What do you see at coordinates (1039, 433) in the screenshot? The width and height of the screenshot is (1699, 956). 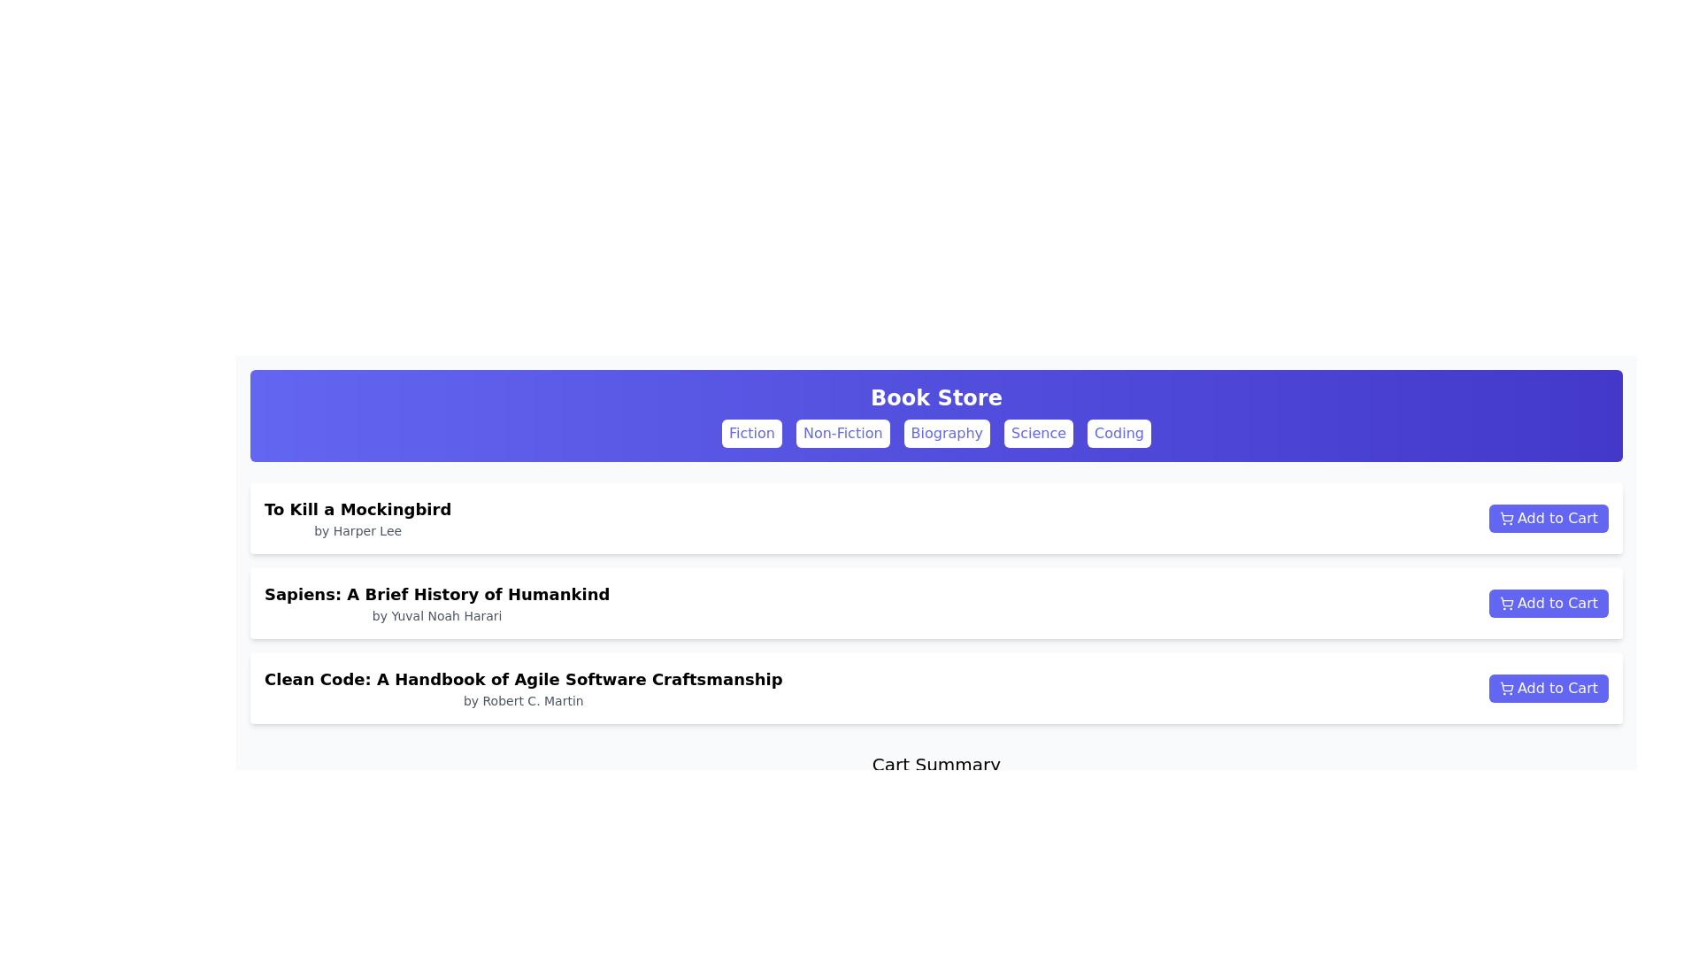 I see `the 'Science' button, which is a rectangular button with rounded edges, featuring indigo-colored text on a white background, positioned as the fourth button in a row of five in the header section` at bounding box center [1039, 433].